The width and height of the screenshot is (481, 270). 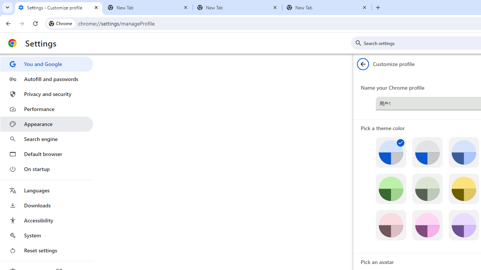 What do you see at coordinates (46, 190) in the screenshot?
I see `'Languages'` at bounding box center [46, 190].